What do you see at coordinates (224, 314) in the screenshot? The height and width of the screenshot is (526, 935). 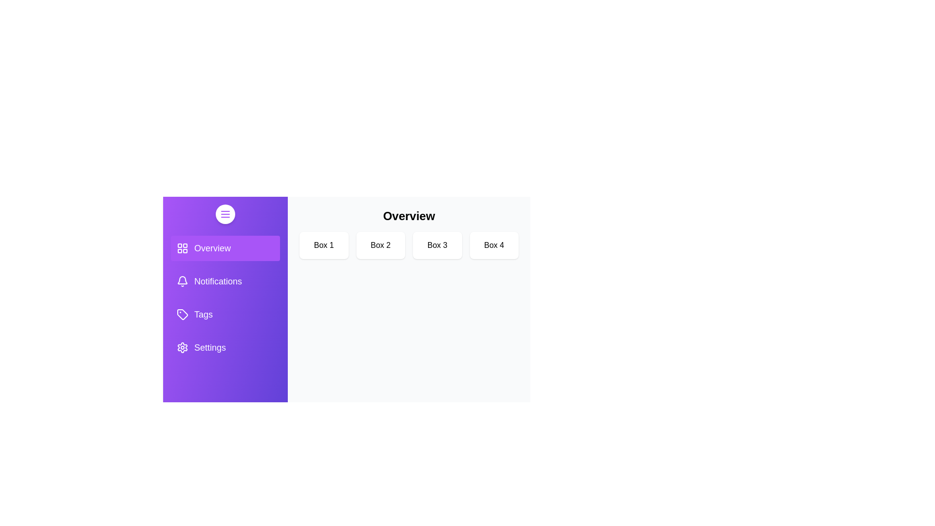 I see `the sidebar tab Tags` at bounding box center [224, 314].